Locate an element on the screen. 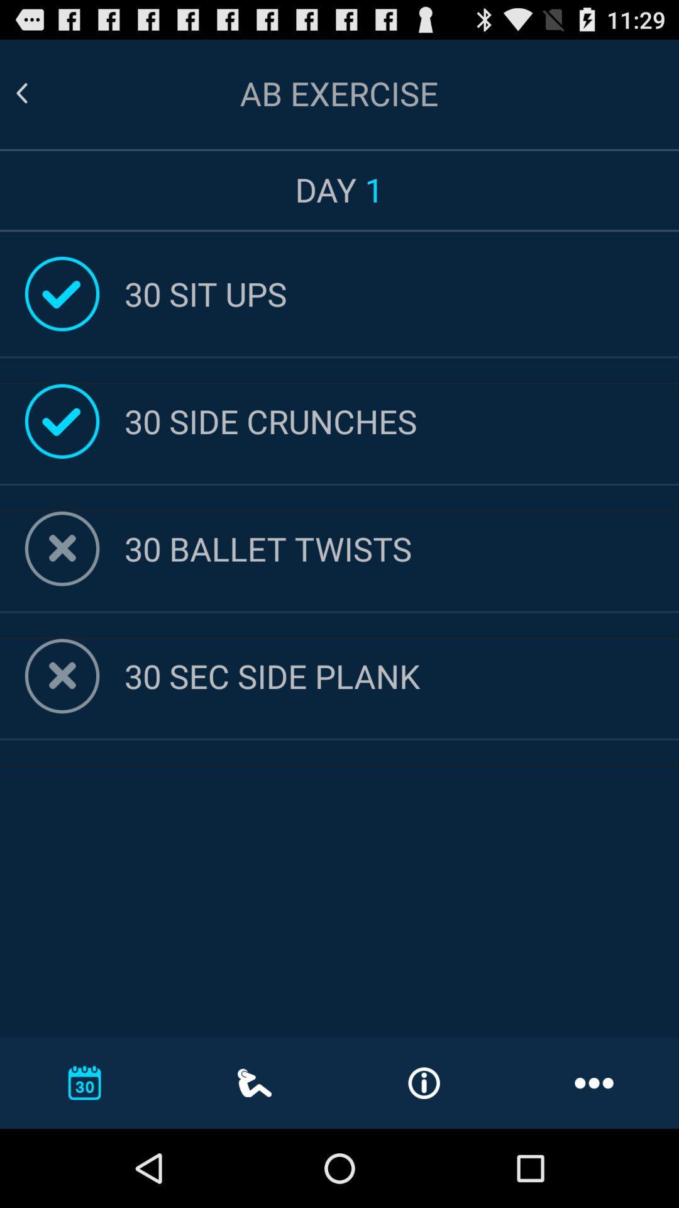 This screenshot has height=1208, width=679. the calendar icon on the bottom left corner of the web page is located at coordinates (85, 1082).